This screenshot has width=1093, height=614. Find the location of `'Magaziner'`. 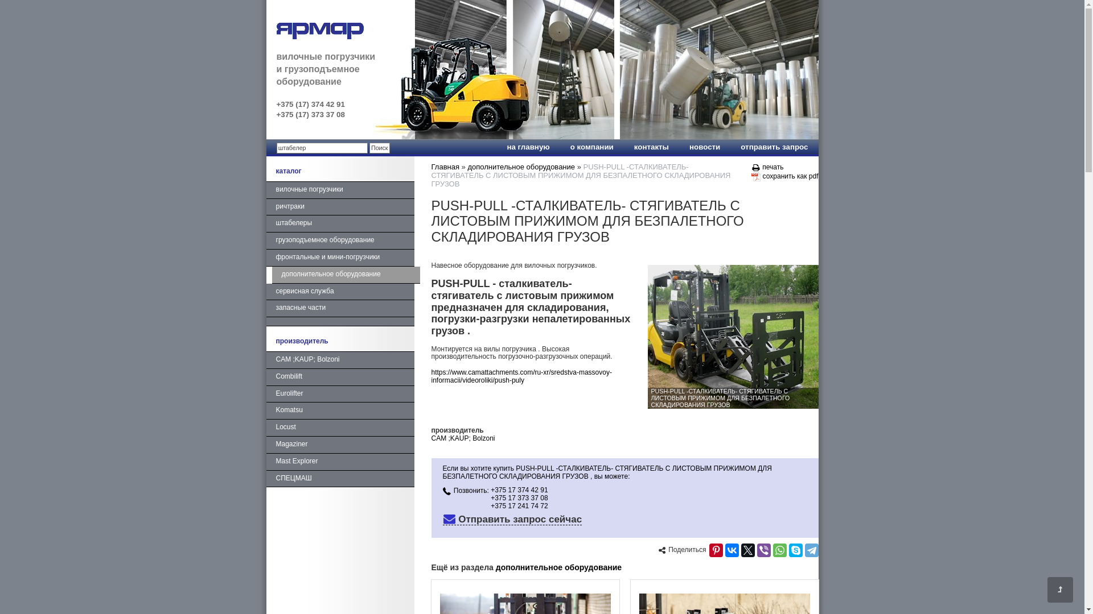

'Magaziner' is located at coordinates (340, 445).